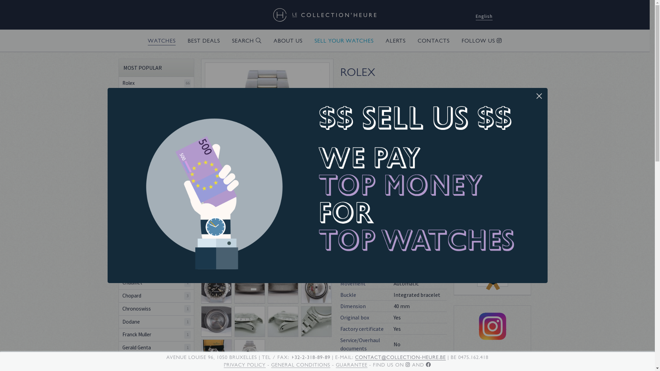  What do you see at coordinates (324, 14) in the screenshot?
I see `'COLLECTION'HEURE'` at bounding box center [324, 14].